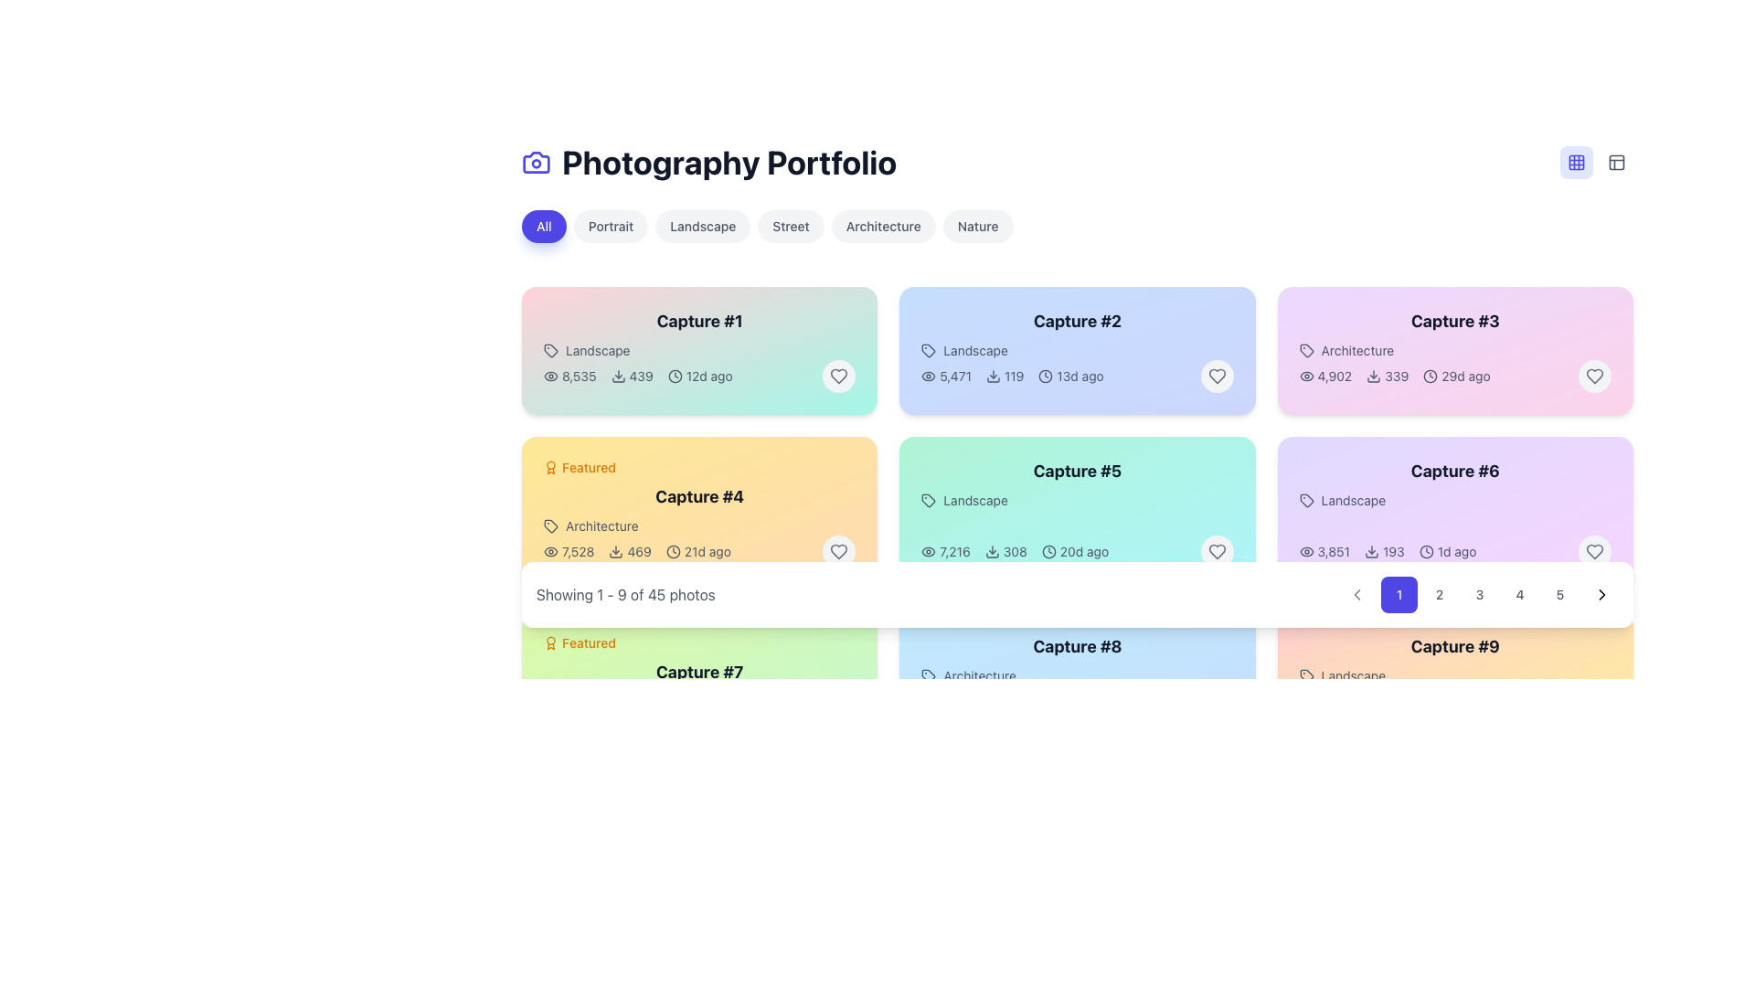 The image size is (1755, 987). I want to click on the clock icon that indicates a timestamp, located next to the '29d ago' text in the bottom-right corner of the card labeled 'Capture #3', so click(1430, 376).